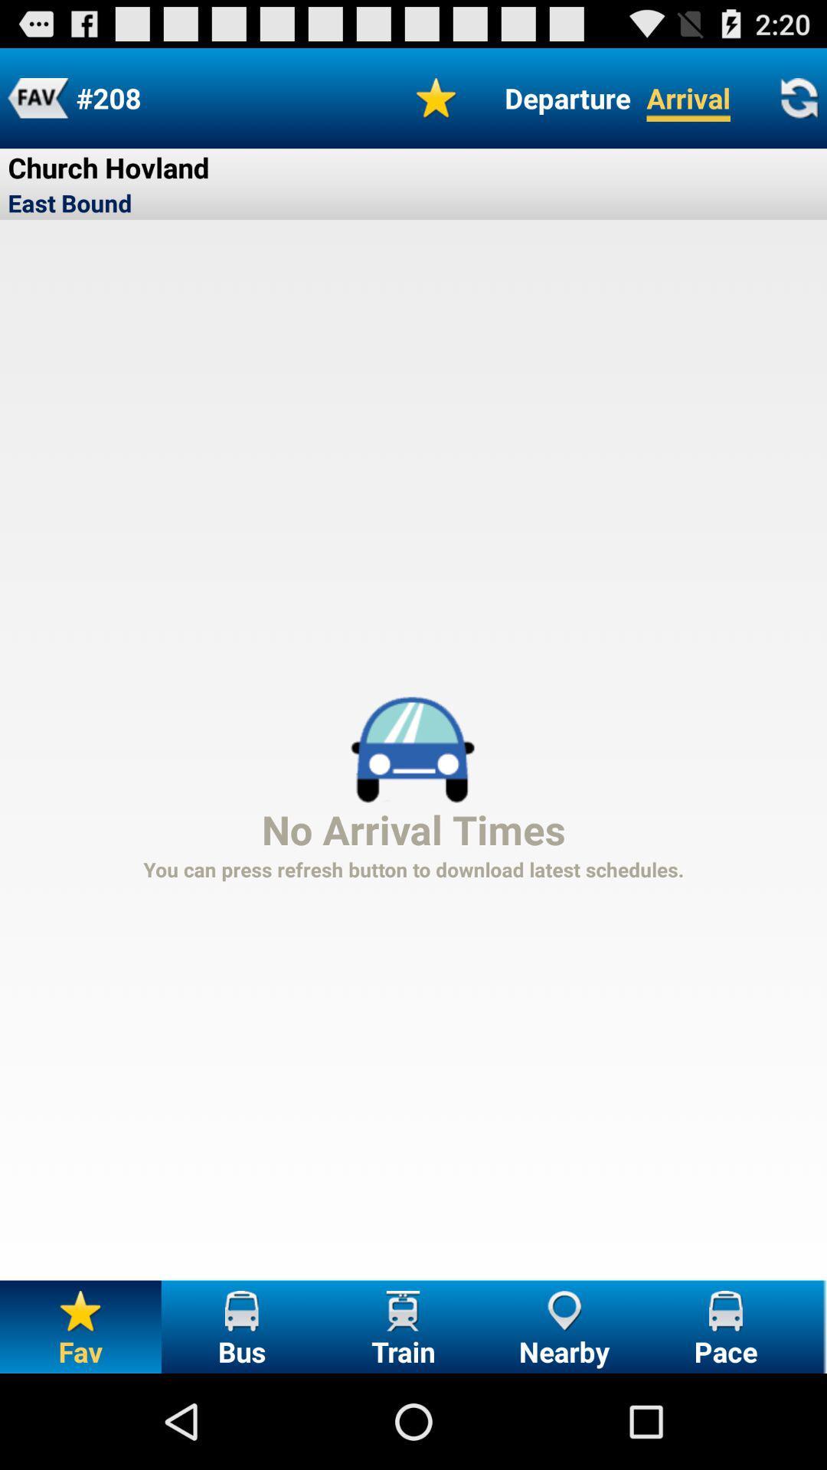 This screenshot has width=827, height=1470. I want to click on the refresh icon, so click(798, 104).